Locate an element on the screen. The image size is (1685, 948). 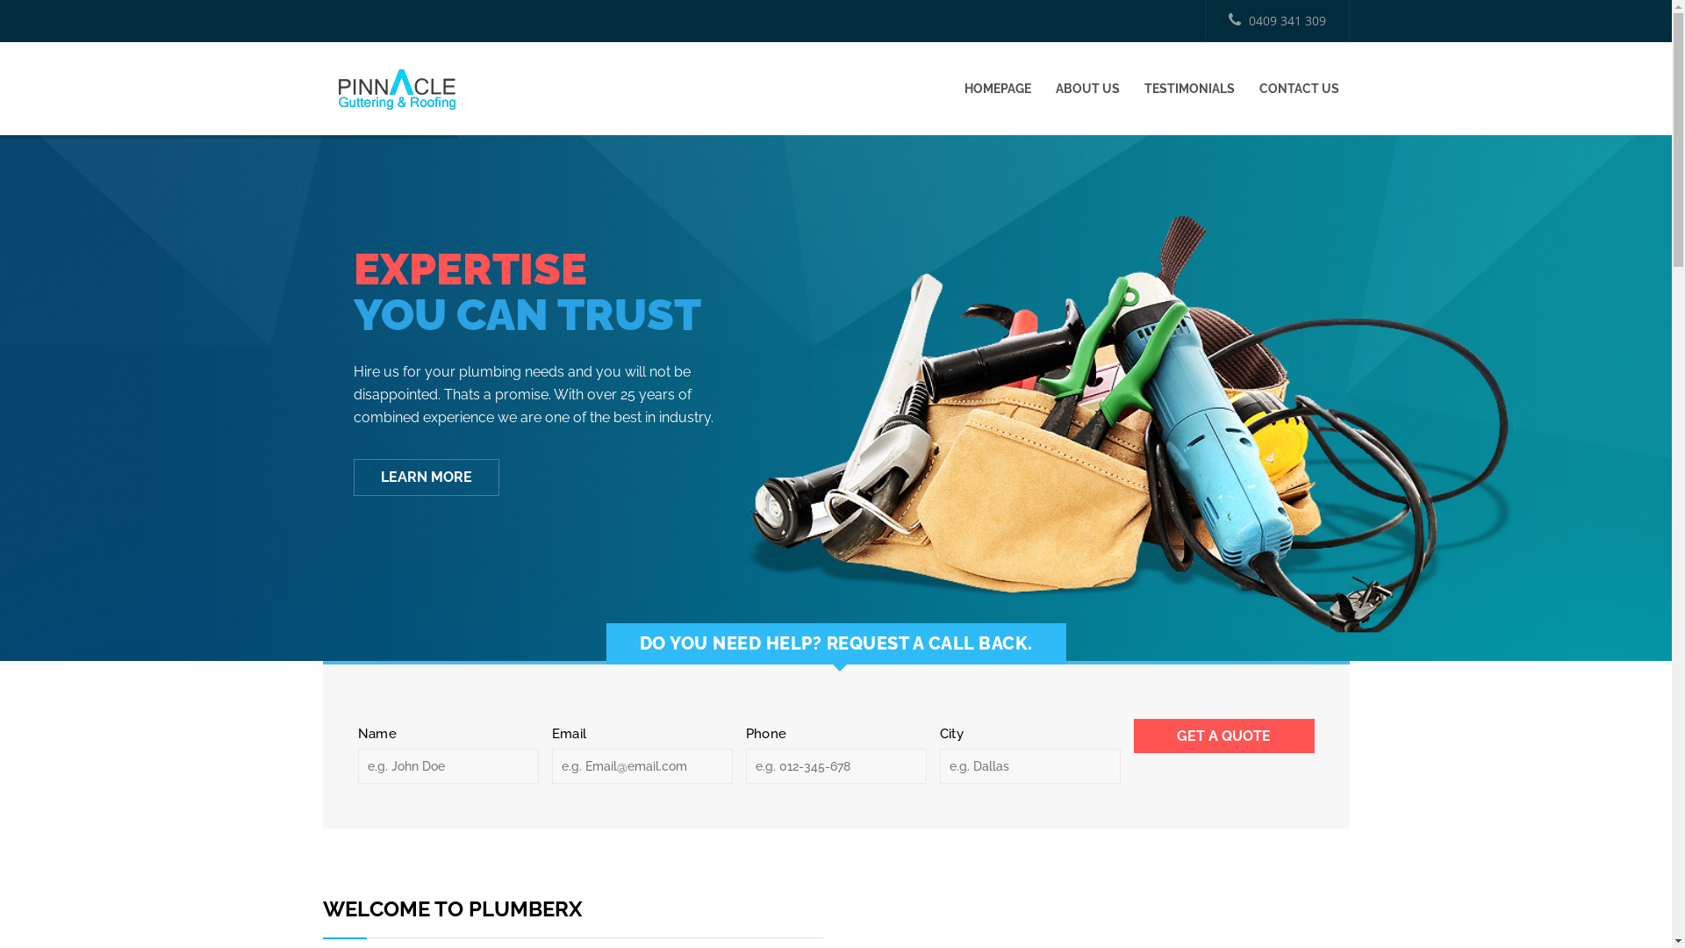
'Get A Quote' is located at coordinates (1223, 736).